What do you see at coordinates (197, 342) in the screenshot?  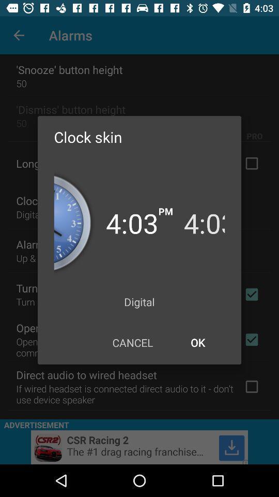 I see `item below the digital item` at bounding box center [197, 342].